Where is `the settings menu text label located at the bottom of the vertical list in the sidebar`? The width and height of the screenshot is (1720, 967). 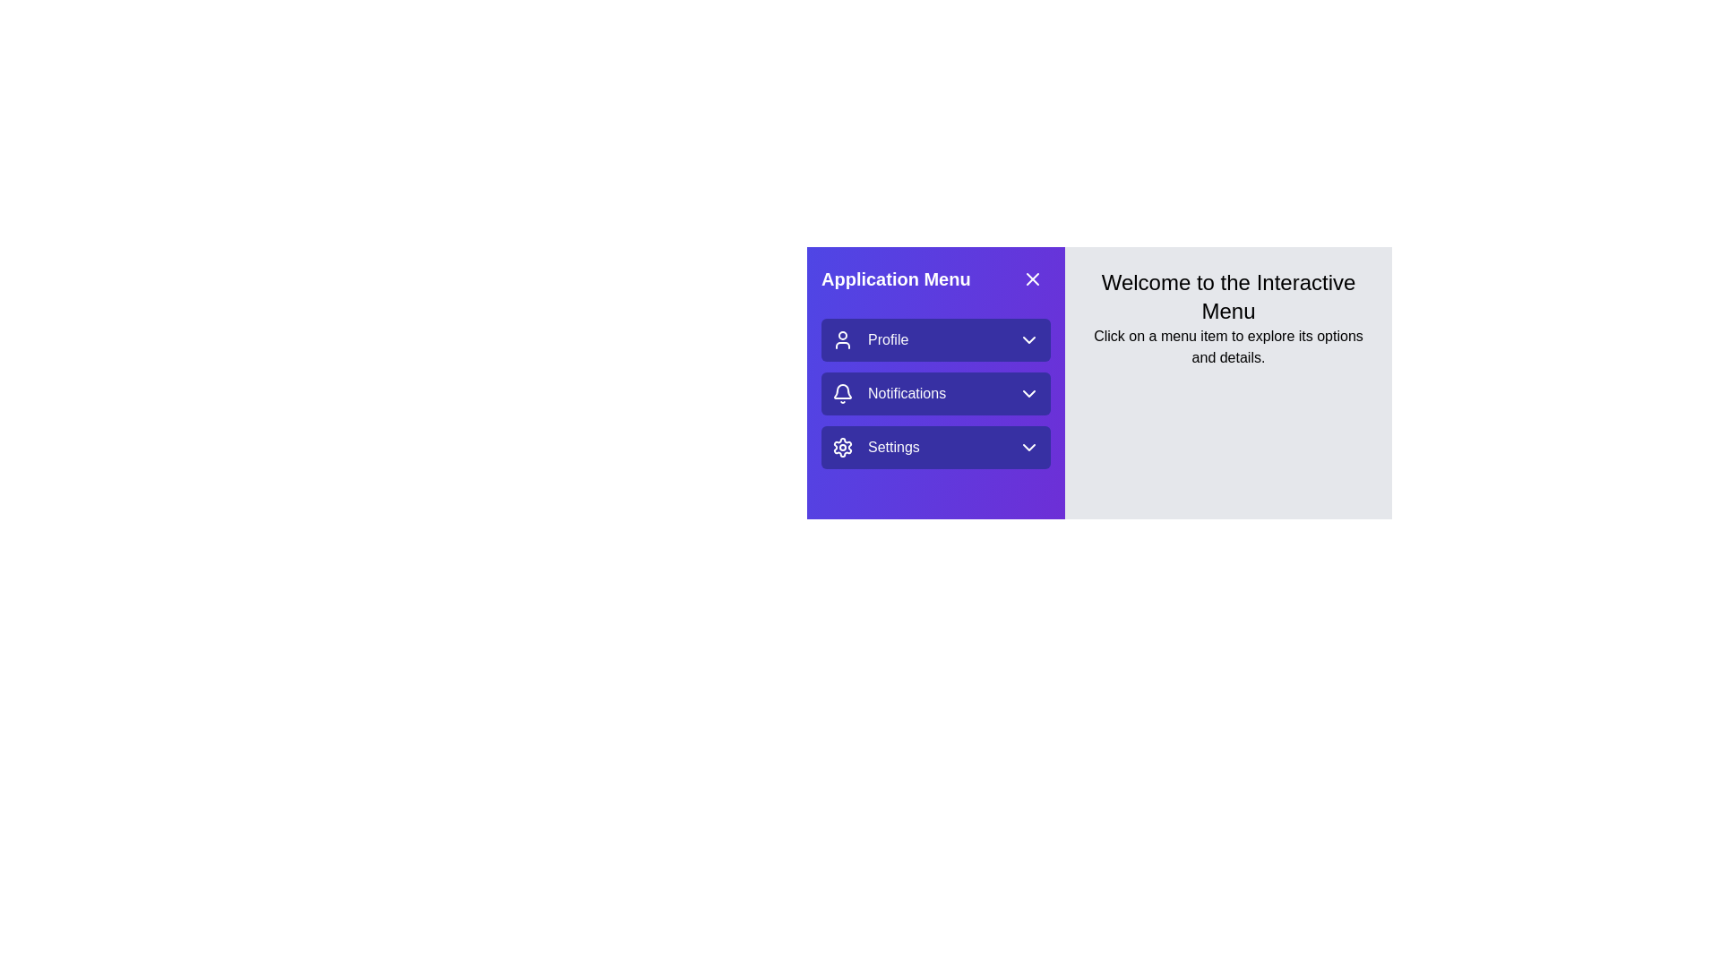
the settings menu text label located at the bottom of the vertical list in the sidebar is located at coordinates (893, 447).